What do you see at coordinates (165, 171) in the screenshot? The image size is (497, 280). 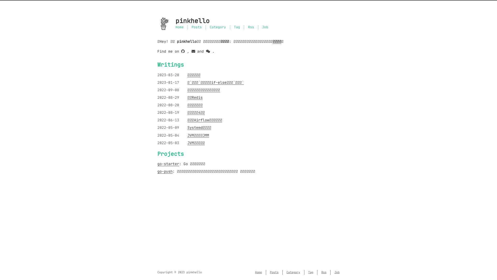 I see `'go-push'` at bounding box center [165, 171].